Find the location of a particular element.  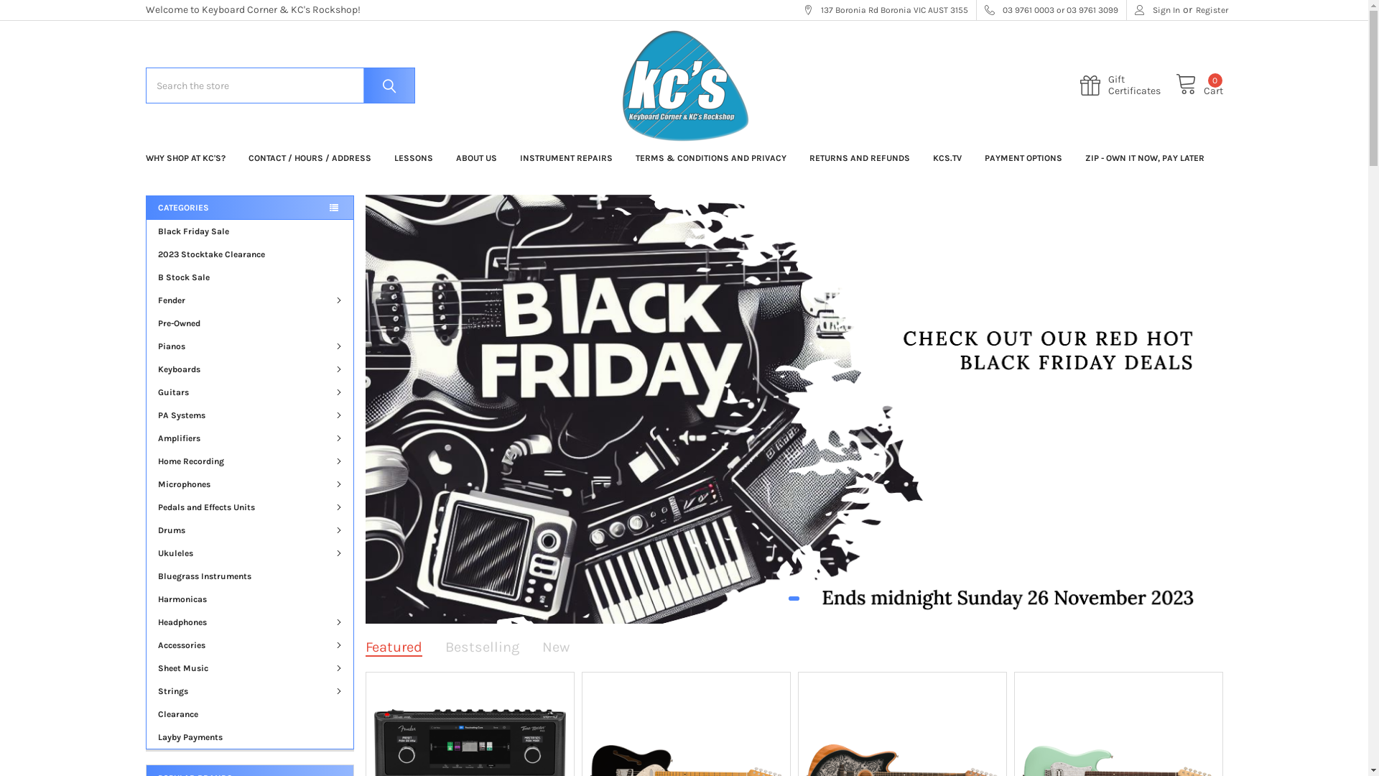

'INSTRUMENT REPAIRS' is located at coordinates (565, 157).